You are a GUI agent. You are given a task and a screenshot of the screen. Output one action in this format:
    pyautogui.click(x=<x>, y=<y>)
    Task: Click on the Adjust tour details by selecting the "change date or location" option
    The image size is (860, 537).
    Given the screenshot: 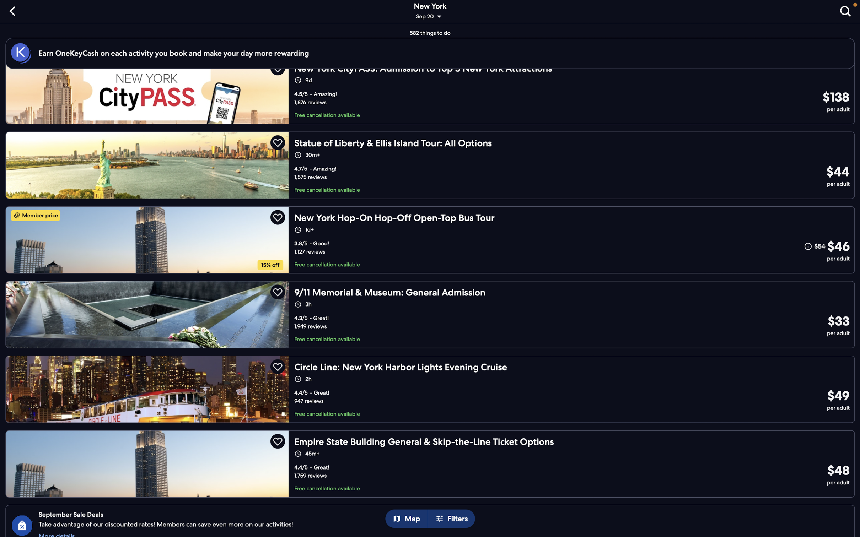 What is the action you would take?
    pyautogui.click(x=431, y=12)
    